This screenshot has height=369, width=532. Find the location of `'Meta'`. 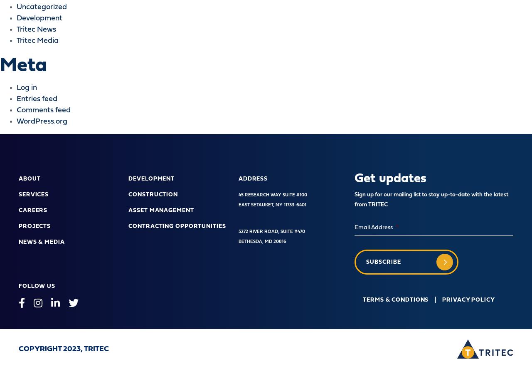

'Meta' is located at coordinates (23, 65).